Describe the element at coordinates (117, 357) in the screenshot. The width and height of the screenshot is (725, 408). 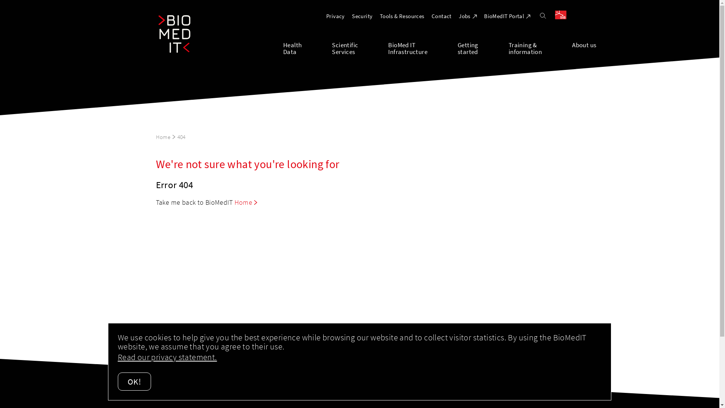
I see `'Read our privacy statement.'` at that location.